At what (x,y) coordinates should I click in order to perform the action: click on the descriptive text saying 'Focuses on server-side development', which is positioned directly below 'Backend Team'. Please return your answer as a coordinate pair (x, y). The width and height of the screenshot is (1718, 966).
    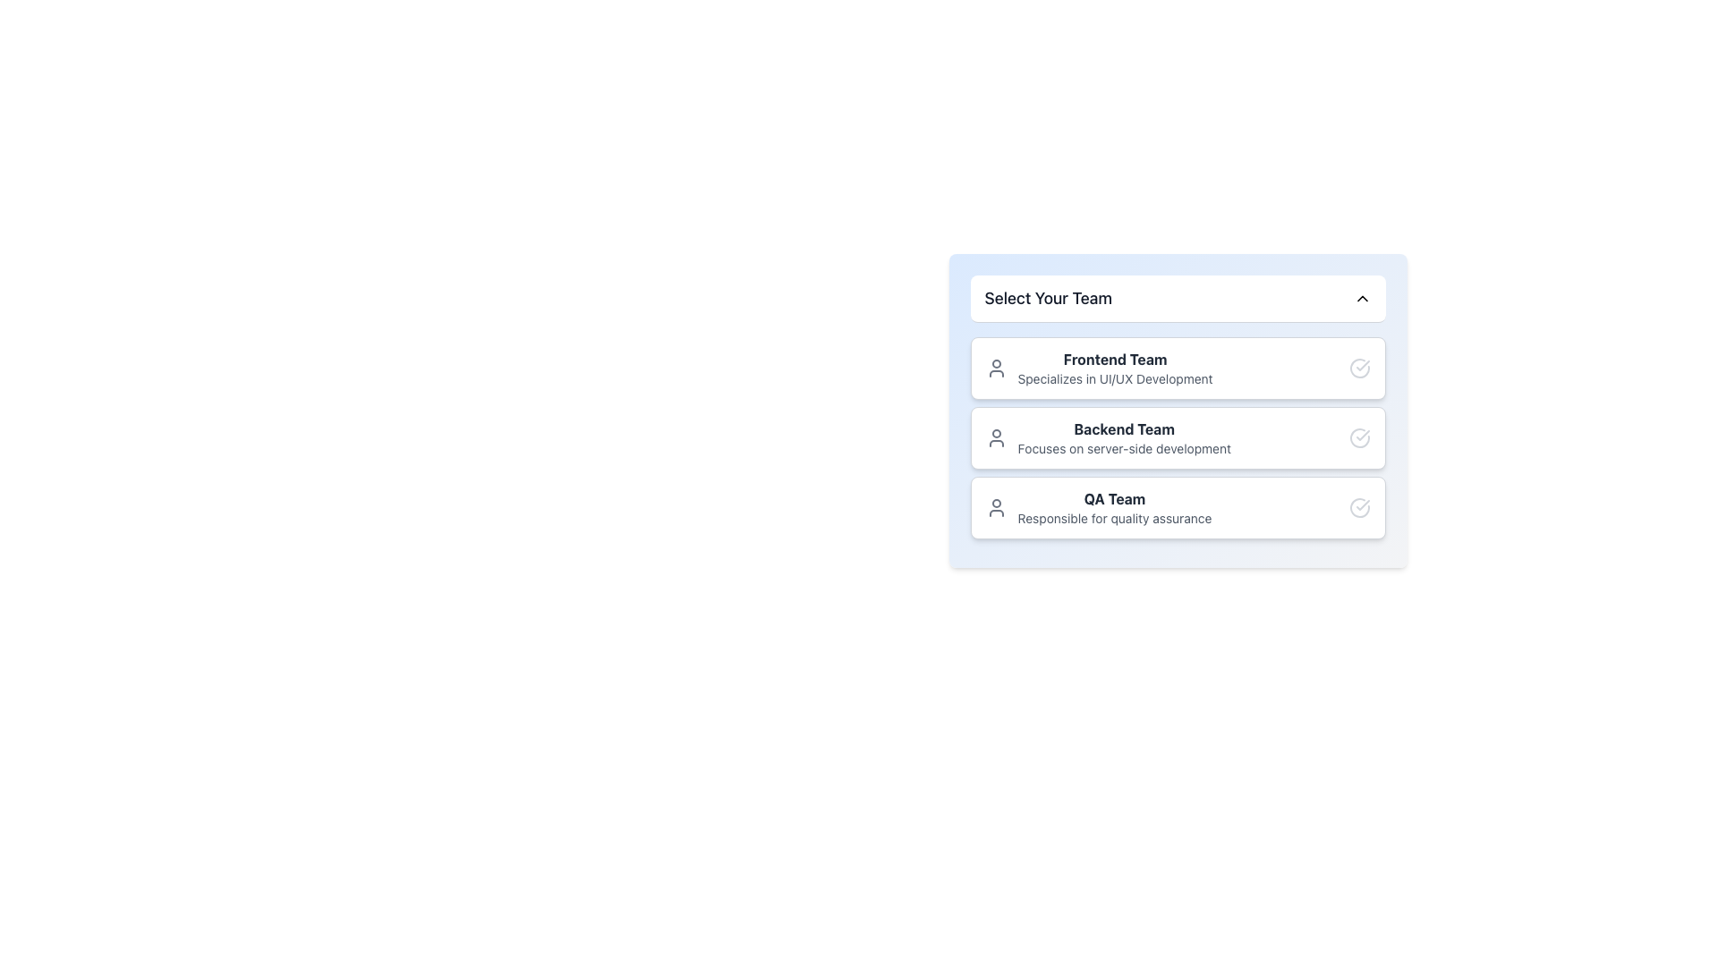
    Looking at the image, I should click on (1123, 447).